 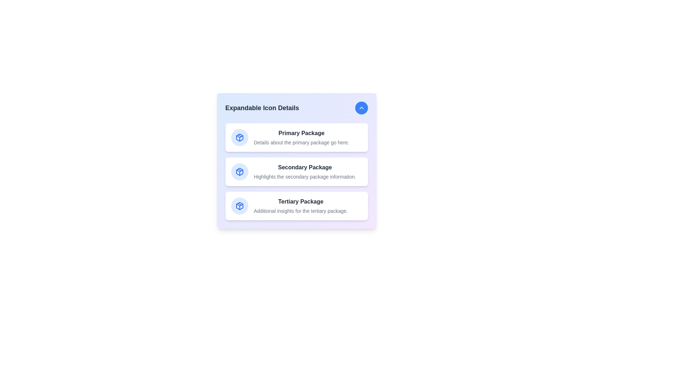 What do you see at coordinates (239, 172) in the screenshot?
I see `the 'Secondary Package' icon, which is the first component in the layout of the card located to the left of the 'Secondary Package' title and description` at bounding box center [239, 172].